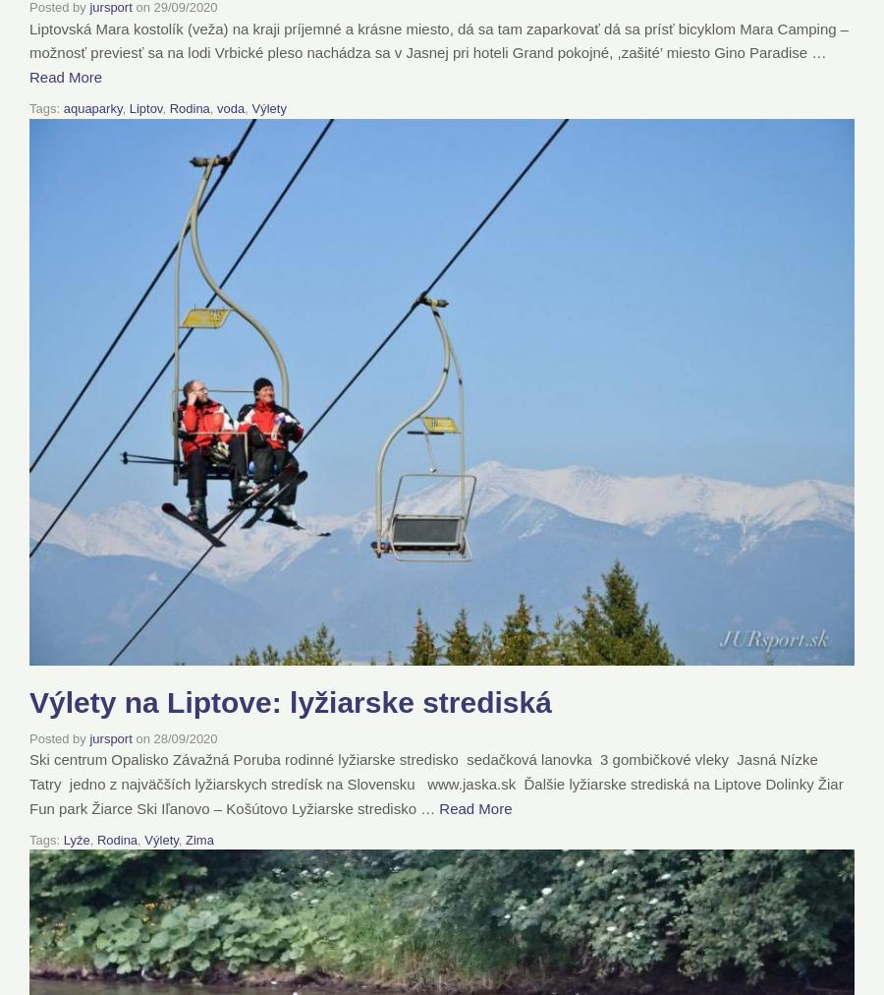 Image resolution: width=884 pixels, height=995 pixels. What do you see at coordinates (144, 106) in the screenshot?
I see `'Liptov'` at bounding box center [144, 106].